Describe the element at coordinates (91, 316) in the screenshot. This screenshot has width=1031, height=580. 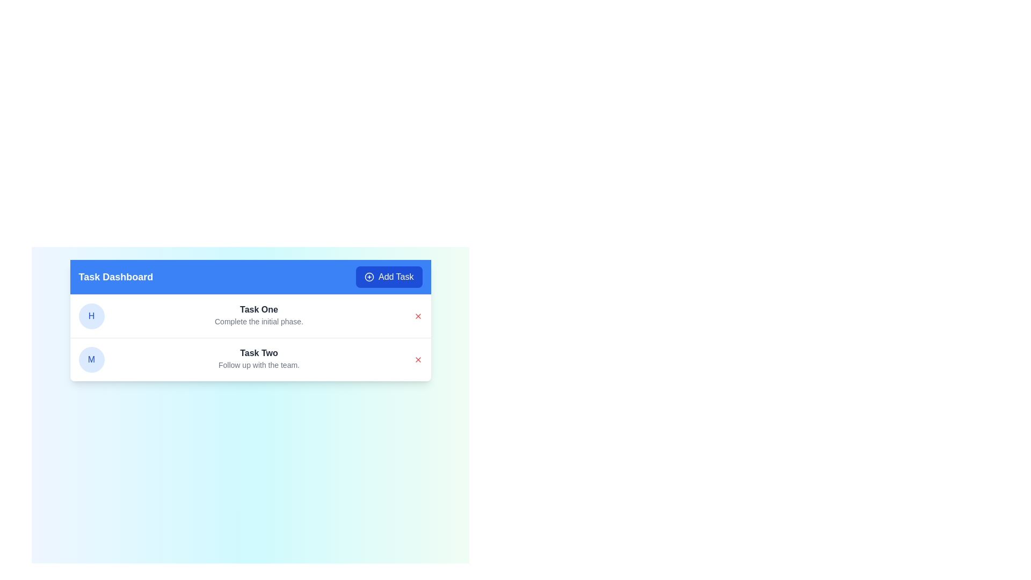
I see `the circular avatar icon with a blue background and letter 'H' representing the first task in the task listing interface` at that location.